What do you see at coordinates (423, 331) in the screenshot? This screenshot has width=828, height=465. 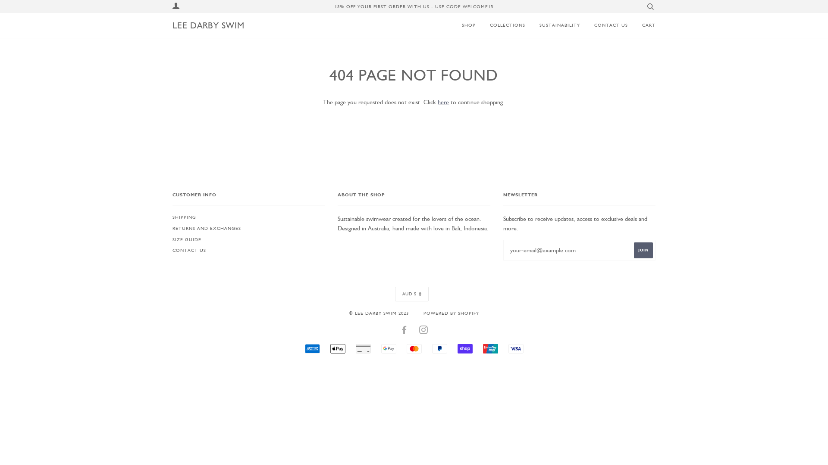 I see `'INSTAGRAM'` at bounding box center [423, 331].